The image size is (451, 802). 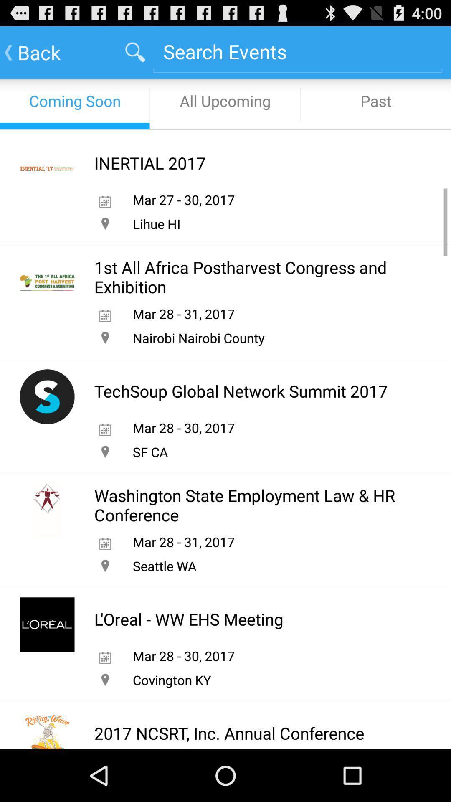 What do you see at coordinates (165, 566) in the screenshot?
I see `app above l oreal ww item` at bounding box center [165, 566].